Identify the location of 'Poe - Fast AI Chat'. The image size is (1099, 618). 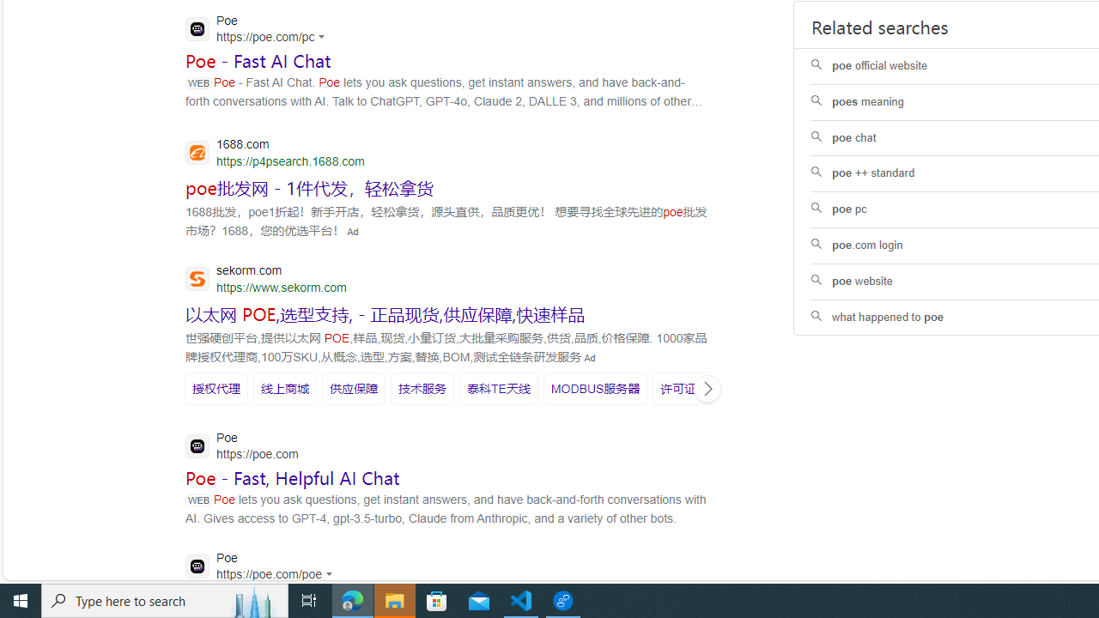
(258, 60).